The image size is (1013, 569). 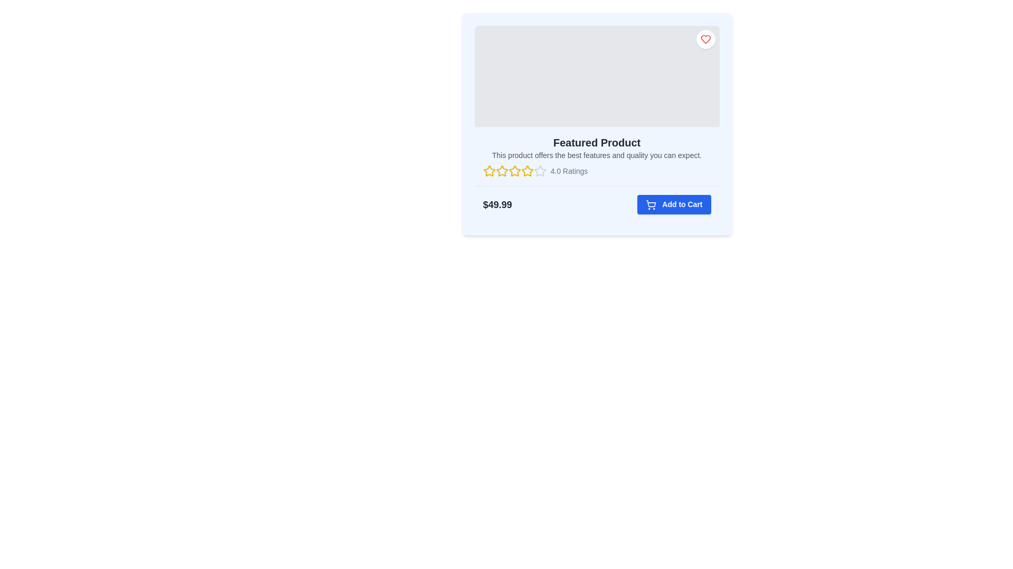 I want to click on the star-shaped icon in the rating system, so click(x=539, y=170).